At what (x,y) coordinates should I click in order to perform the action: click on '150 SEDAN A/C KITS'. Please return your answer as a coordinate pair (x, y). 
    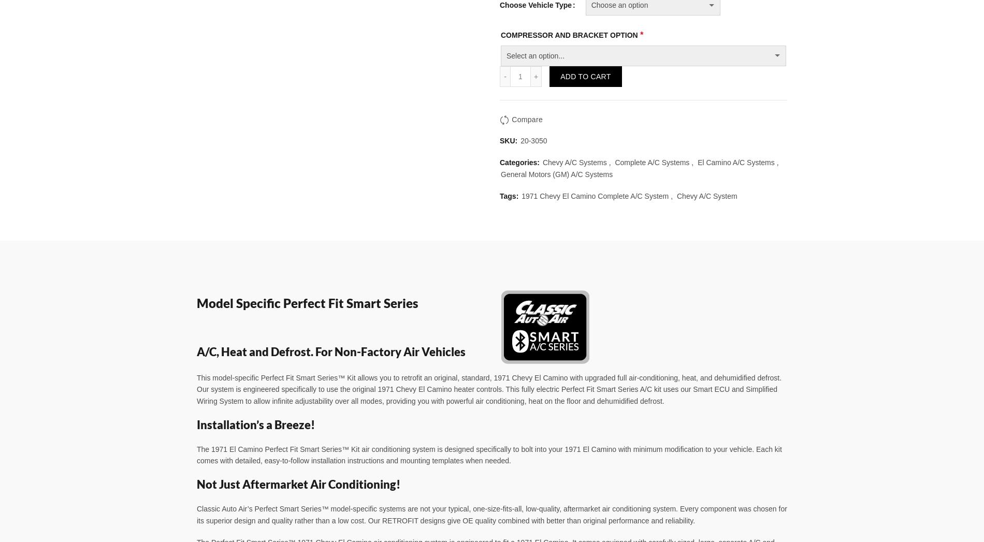
    Looking at the image, I should click on (235, 21).